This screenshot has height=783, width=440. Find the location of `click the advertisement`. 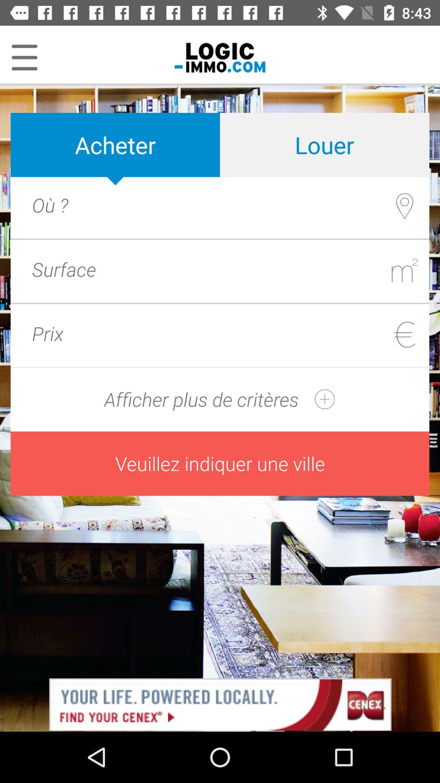

click the advertisement is located at coordinates (220, 703).